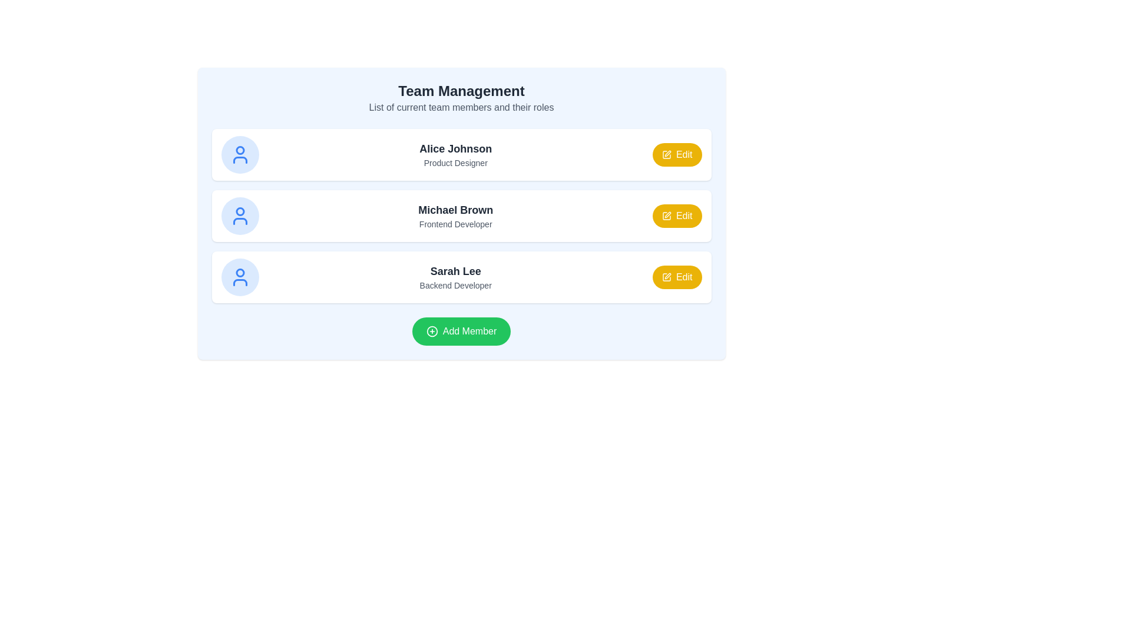 This screenshot has width=1131, height=636. I want to click on the edit icon for 'Sarah Lee - Backend Developer', which is a small pen or pencil icon within a yellow circular background on the far right of the entry, so click(667, 276).